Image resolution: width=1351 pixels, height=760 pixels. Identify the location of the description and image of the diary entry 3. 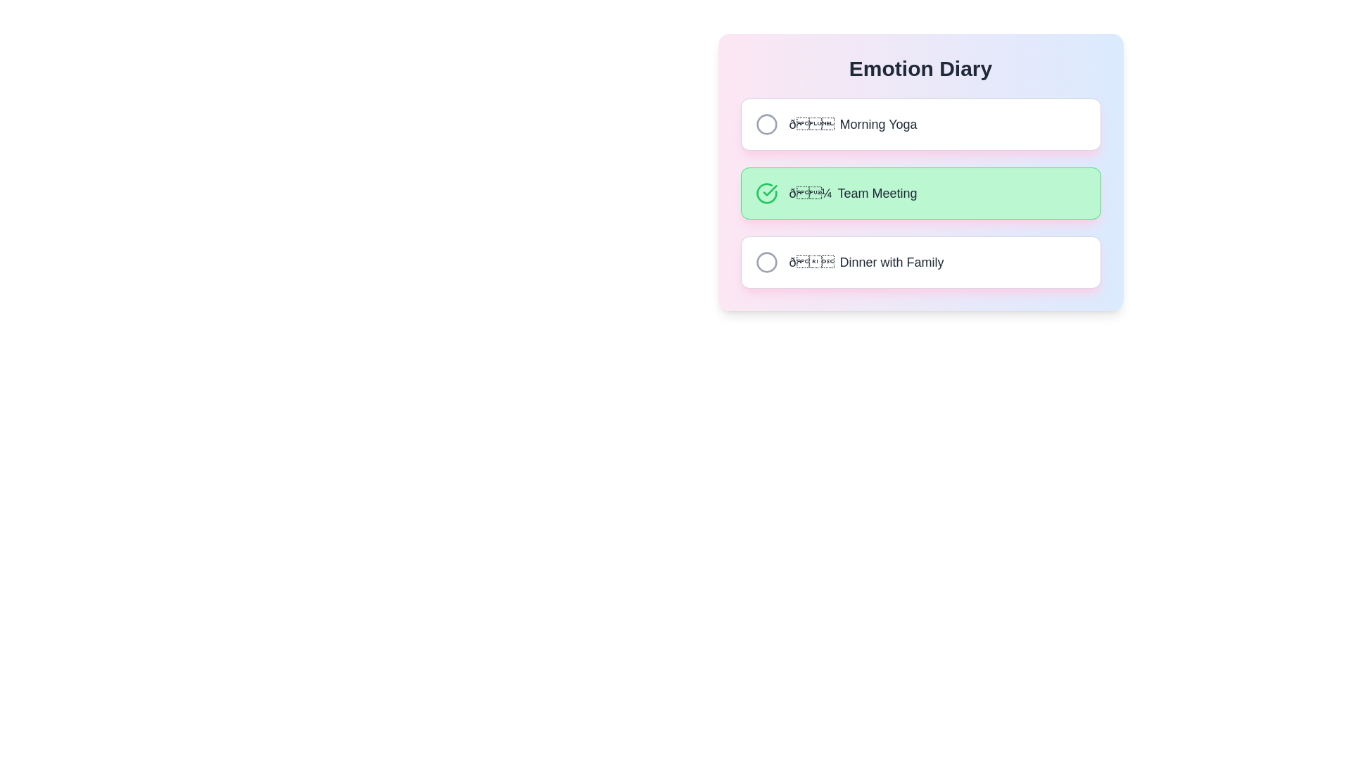
(920, 262).